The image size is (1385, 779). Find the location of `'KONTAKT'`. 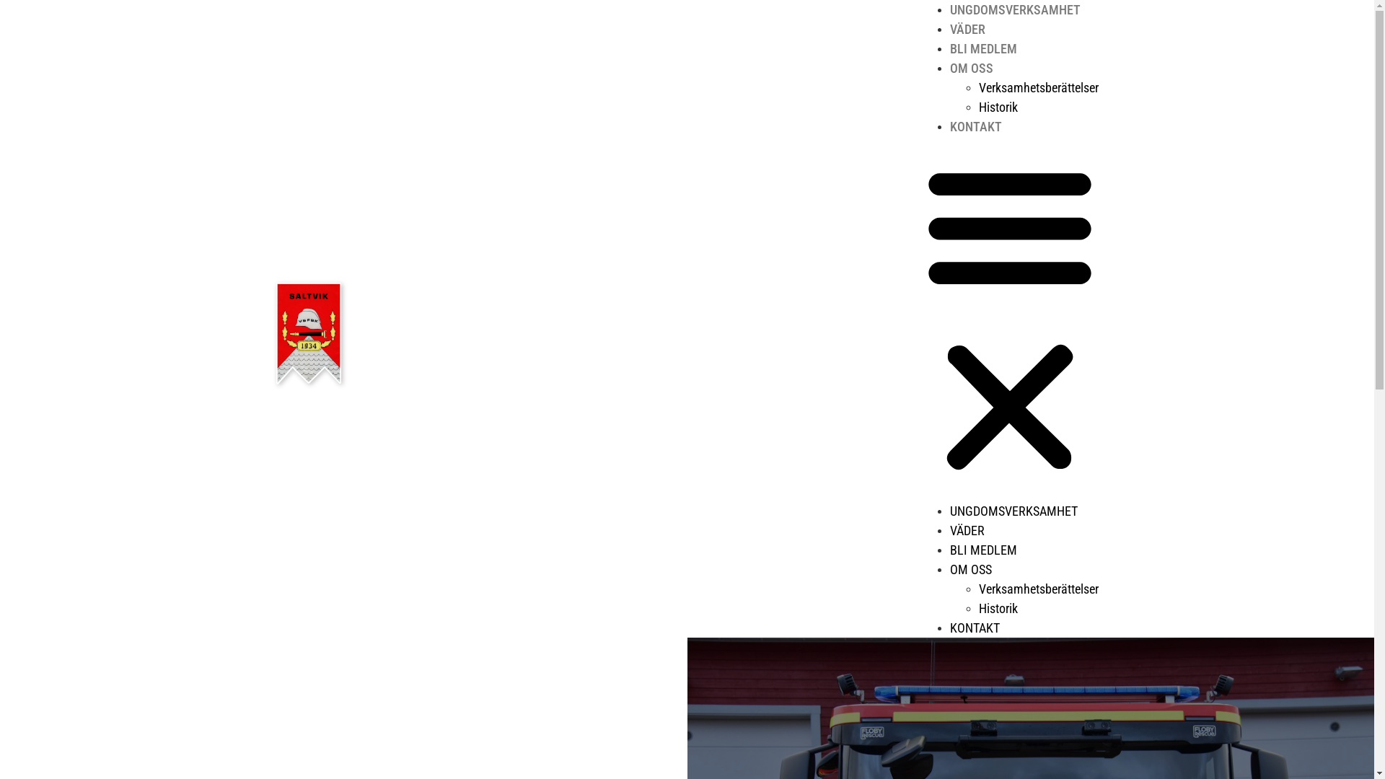

'KONTAKT' is located at coordinates (974, 627).